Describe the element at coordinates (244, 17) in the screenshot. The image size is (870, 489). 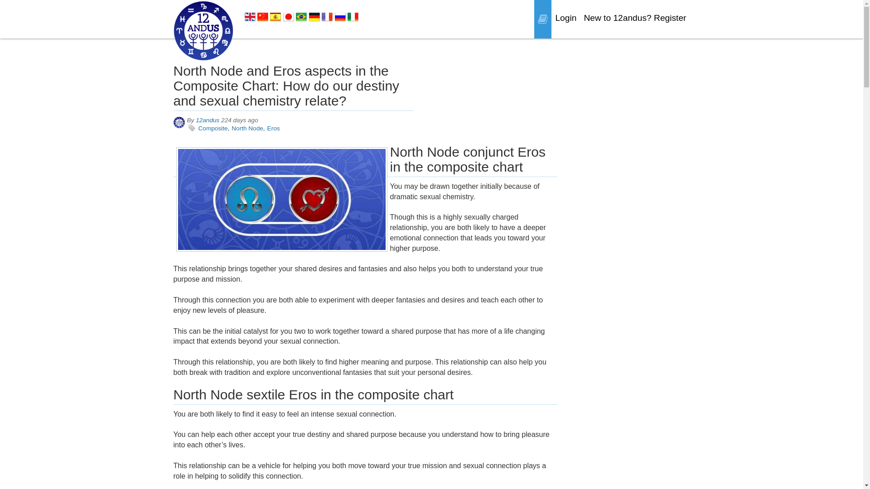
I see `'English'` at that location.